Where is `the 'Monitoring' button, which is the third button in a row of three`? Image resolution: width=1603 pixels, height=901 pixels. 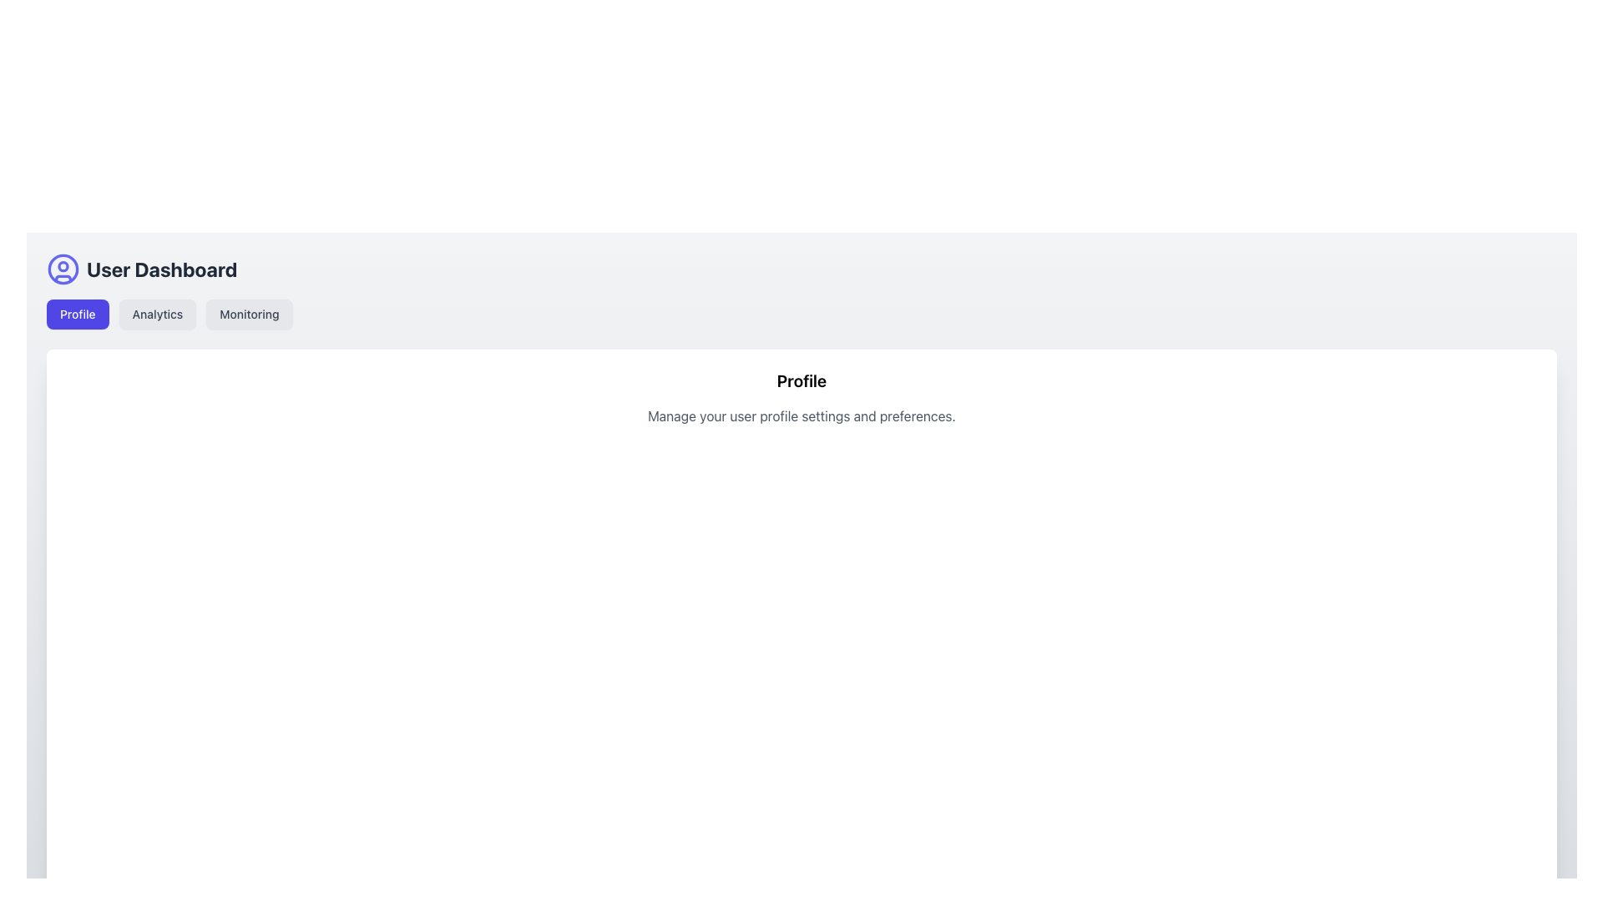 the 'Monitoring' button, which is the third button in a row of three is located at coordinates (248, 315).